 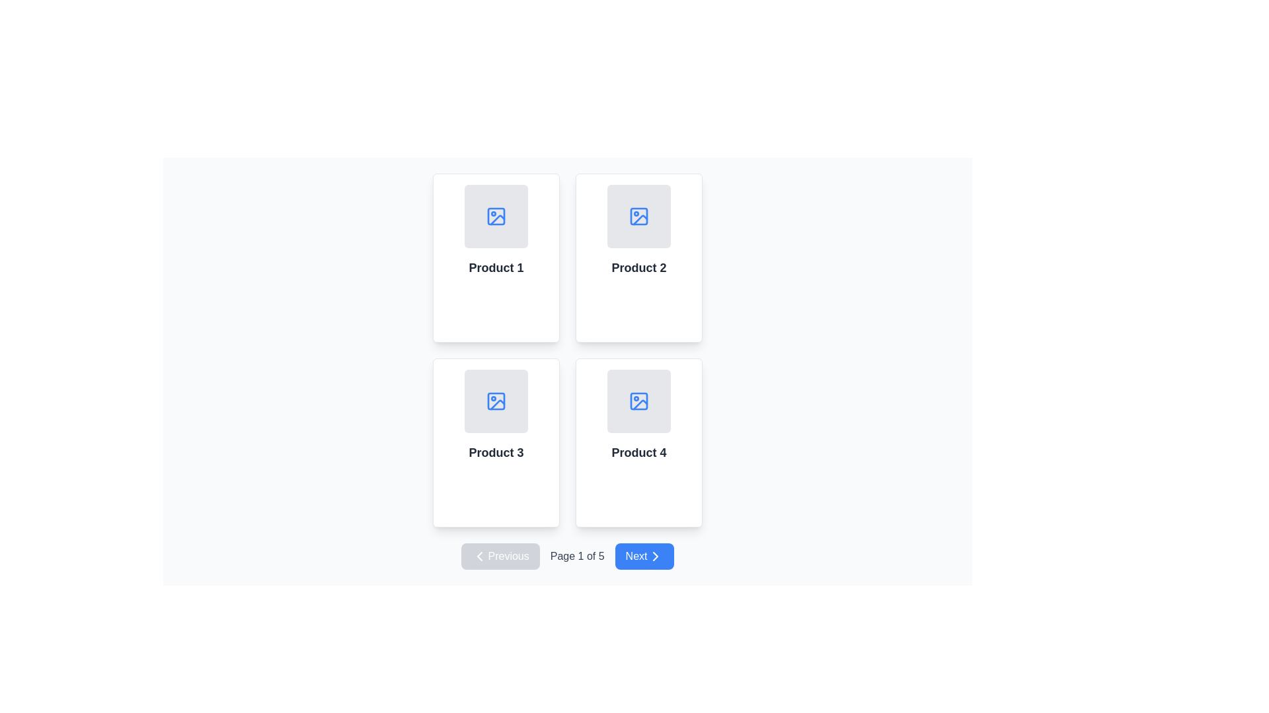 I want to click on the static text label that displays the name of the product within the 'Product 4' card, located in the second row, second column, so click(x=638, y=452).